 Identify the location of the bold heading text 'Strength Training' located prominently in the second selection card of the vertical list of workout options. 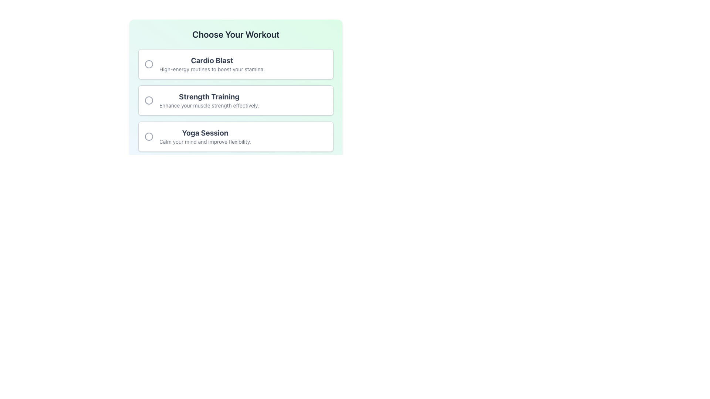
(209, 96).